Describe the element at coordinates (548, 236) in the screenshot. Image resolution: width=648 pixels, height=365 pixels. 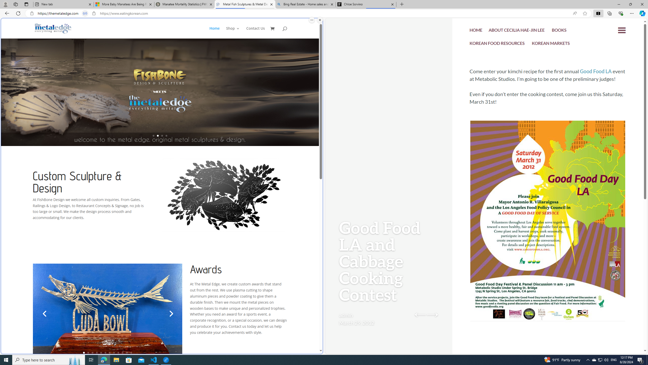
I see `'good food la poster'` at that location.